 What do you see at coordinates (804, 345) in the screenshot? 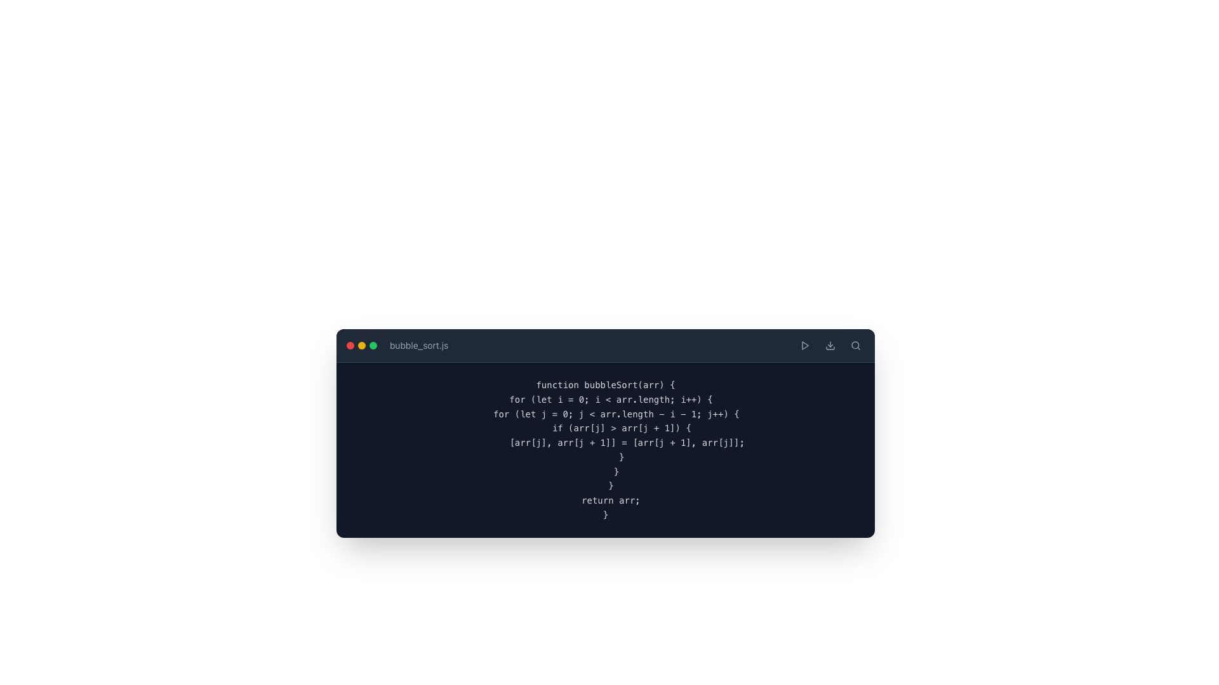
I see `the right-oriented triangular shaped icon in the toolbar at the top right of the application interface` at bounding box center [804, 345].